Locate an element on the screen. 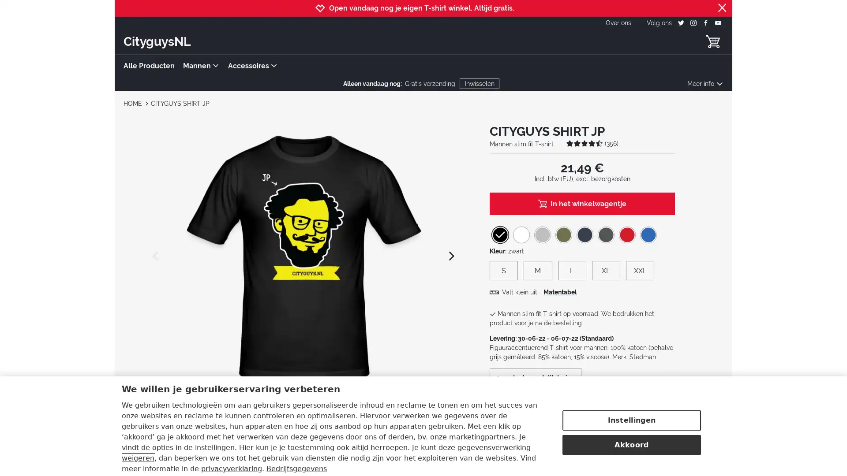  S is located at coordinates (504, 270).